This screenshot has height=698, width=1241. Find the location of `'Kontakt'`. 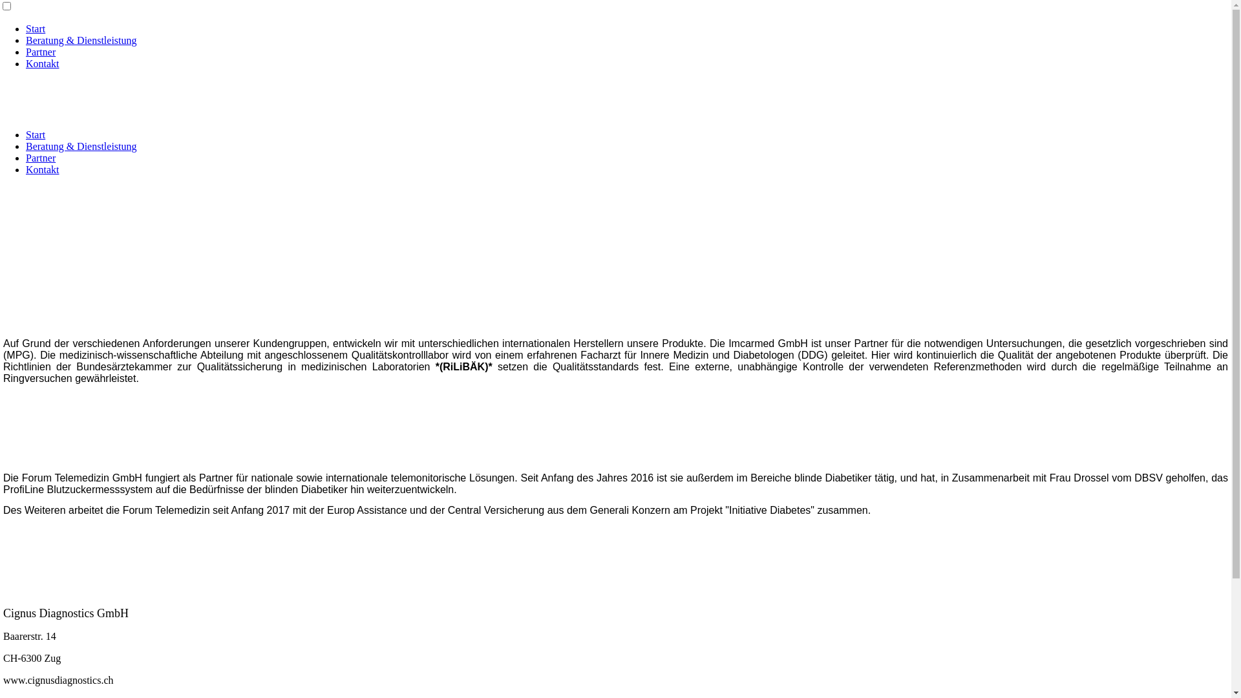

'Kontakt' is located at coordinates (43, 63).